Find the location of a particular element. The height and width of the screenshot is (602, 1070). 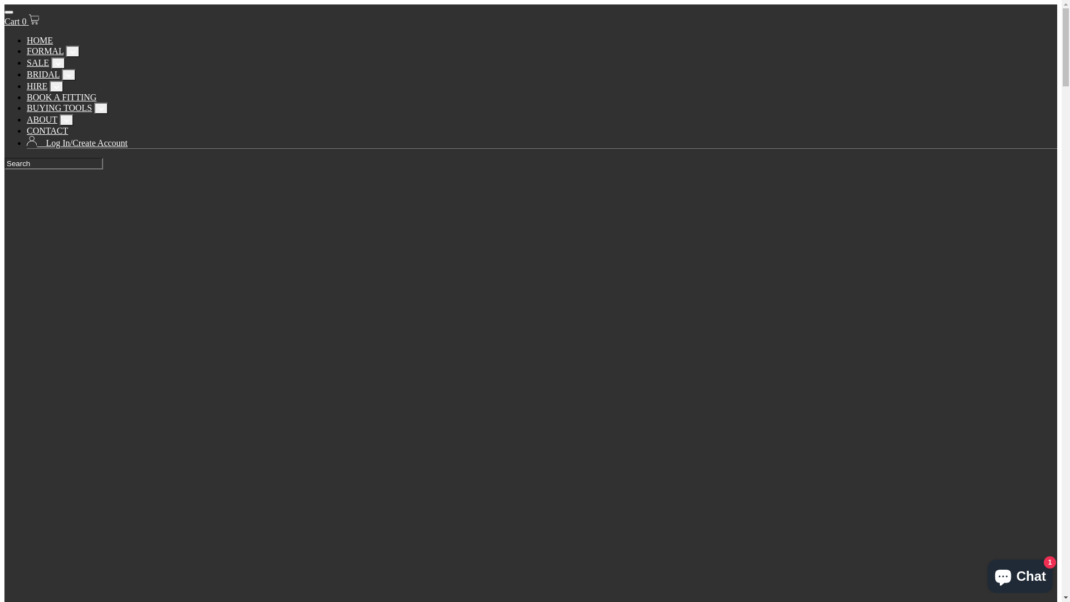

'ABOUT' is located at coordinates (42, 119).